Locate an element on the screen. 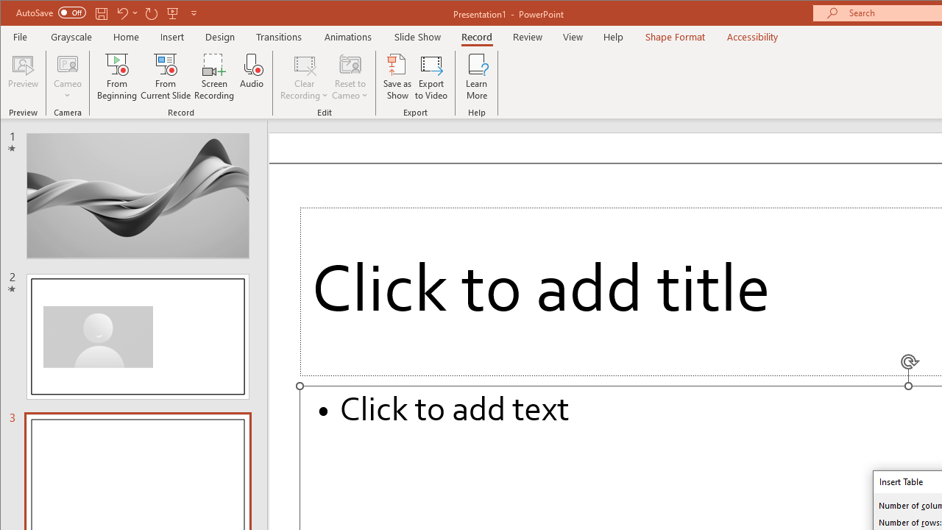 Image resolution: width=942 pixels, height=530 pixels. 'Audio' is located at coordinates (252, 77).